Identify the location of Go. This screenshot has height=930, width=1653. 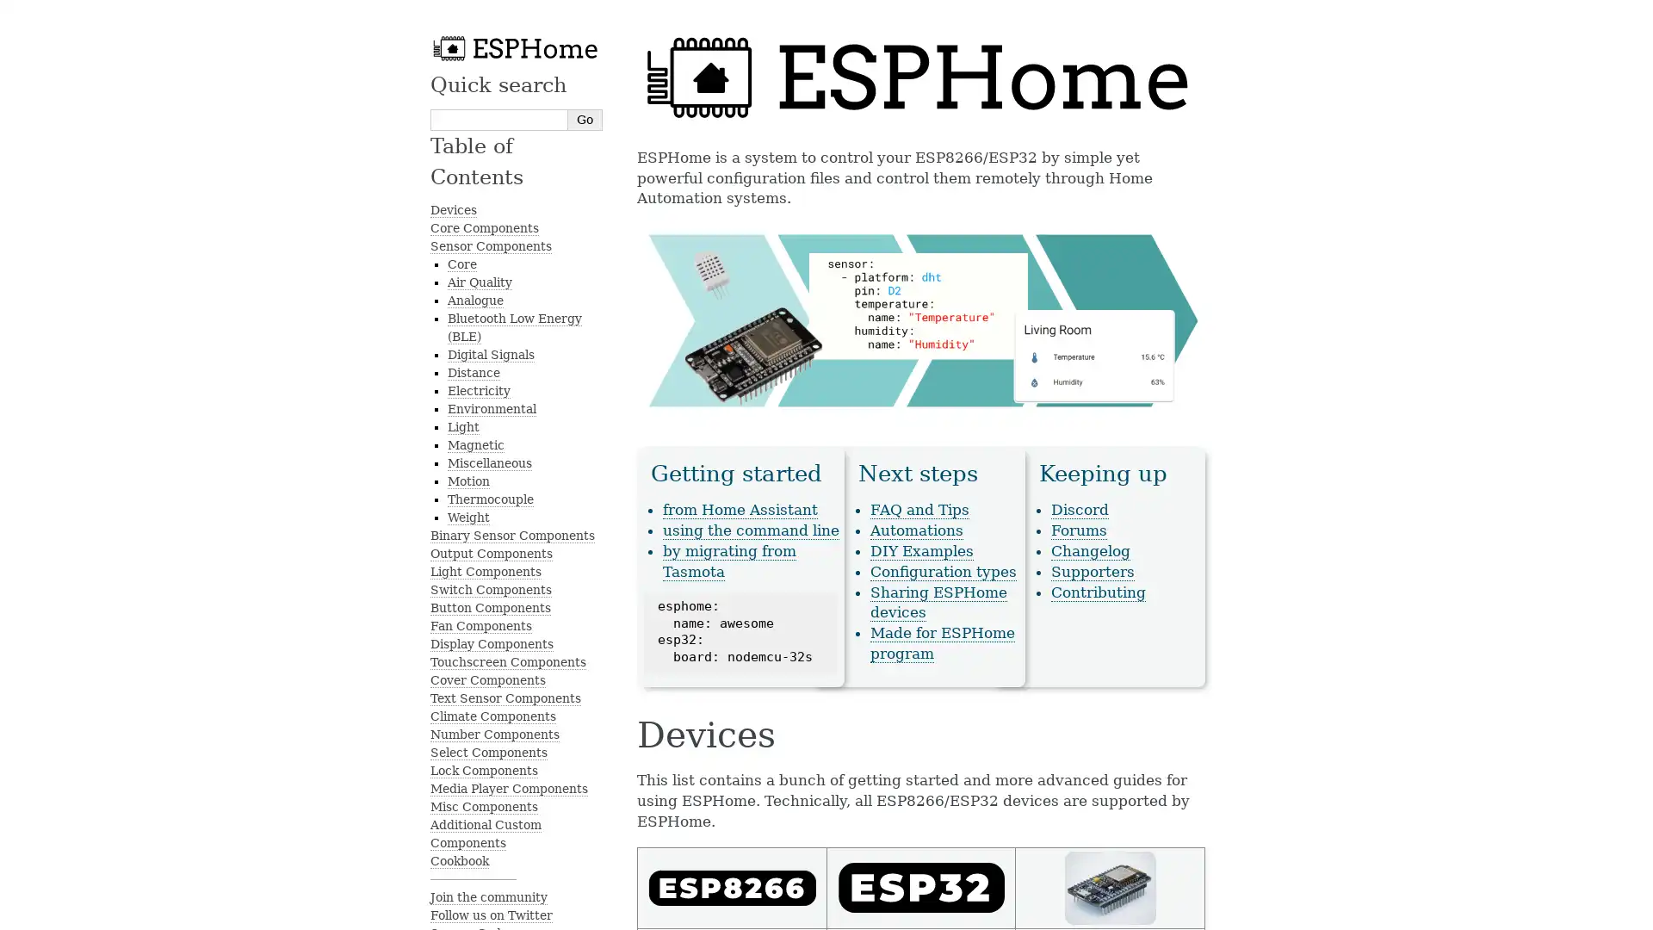
(585, 118).